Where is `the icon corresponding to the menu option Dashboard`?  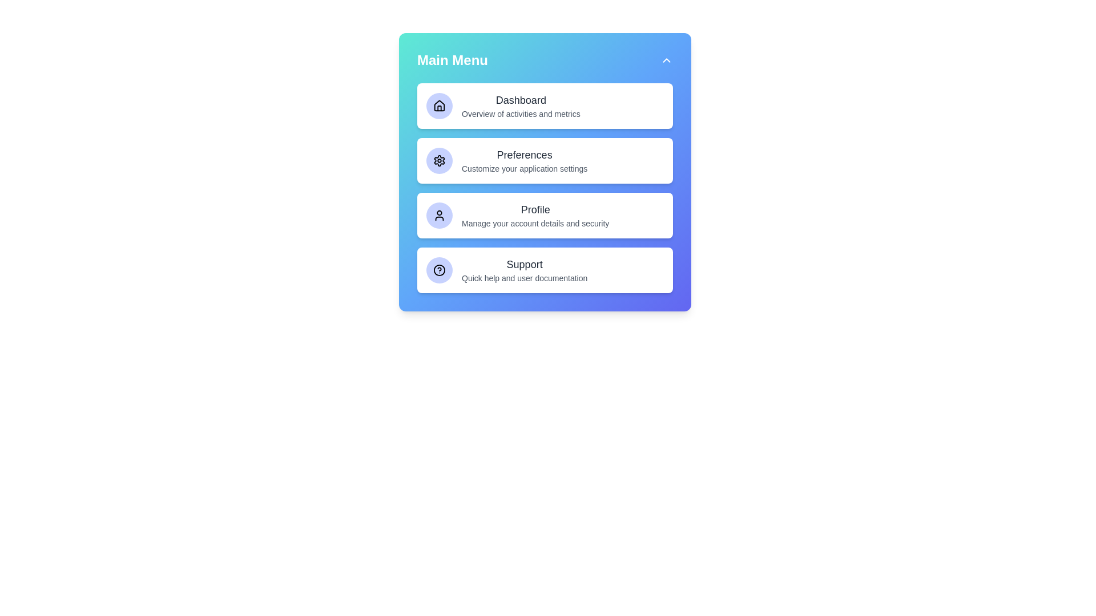
the icon corresponding to the menu option Dashboard is located at coordinates (438, 106).